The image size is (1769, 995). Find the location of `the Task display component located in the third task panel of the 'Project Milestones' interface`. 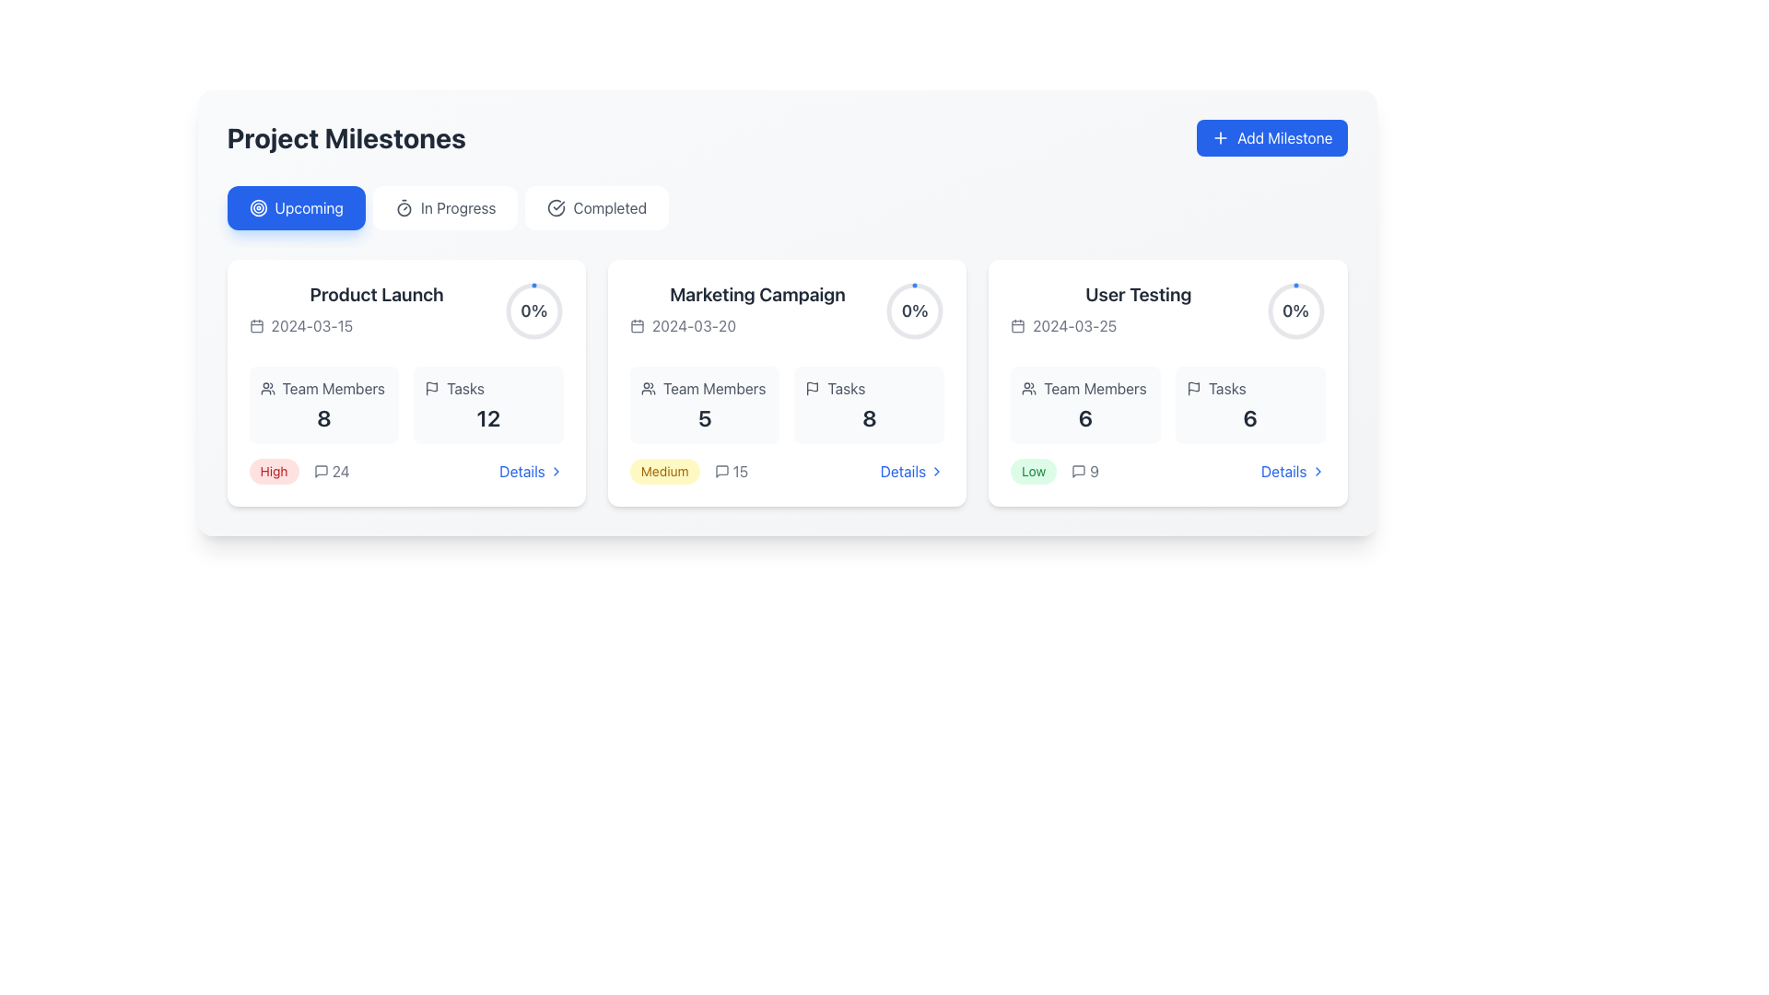

the Task display component located in the third task panel of the 'Project Milestones' interface is located at coordinates (1166, 311).